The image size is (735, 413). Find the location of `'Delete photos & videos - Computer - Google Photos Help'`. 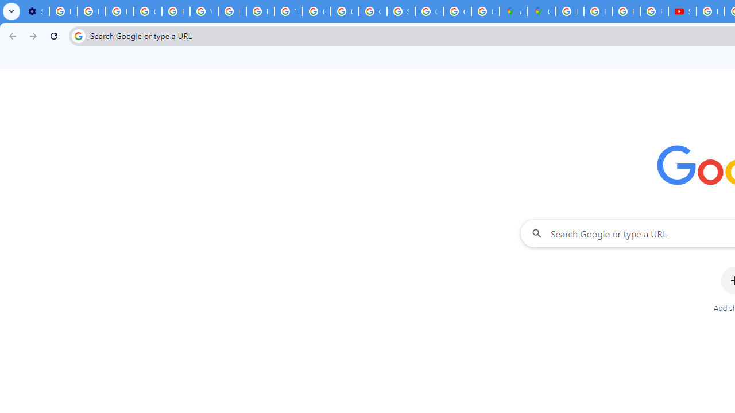

'Delete photos & videos - Computer - Google Photos Help' is located at coordinates (63, 11).